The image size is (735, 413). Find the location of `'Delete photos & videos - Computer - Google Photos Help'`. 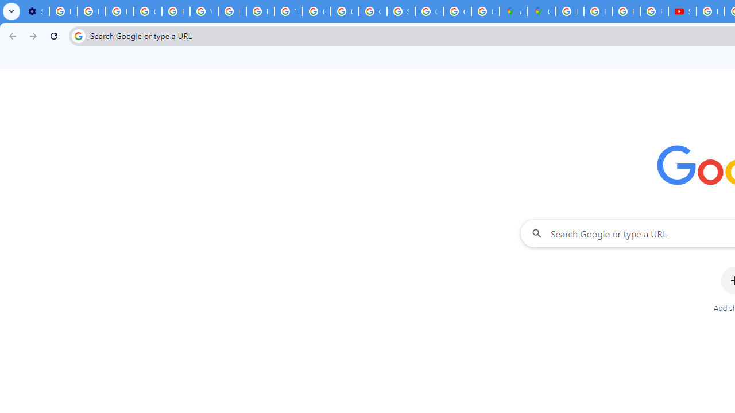

'Delete photos & videos - Computer - Google Photos Help' is located at coordinates (63, 11).